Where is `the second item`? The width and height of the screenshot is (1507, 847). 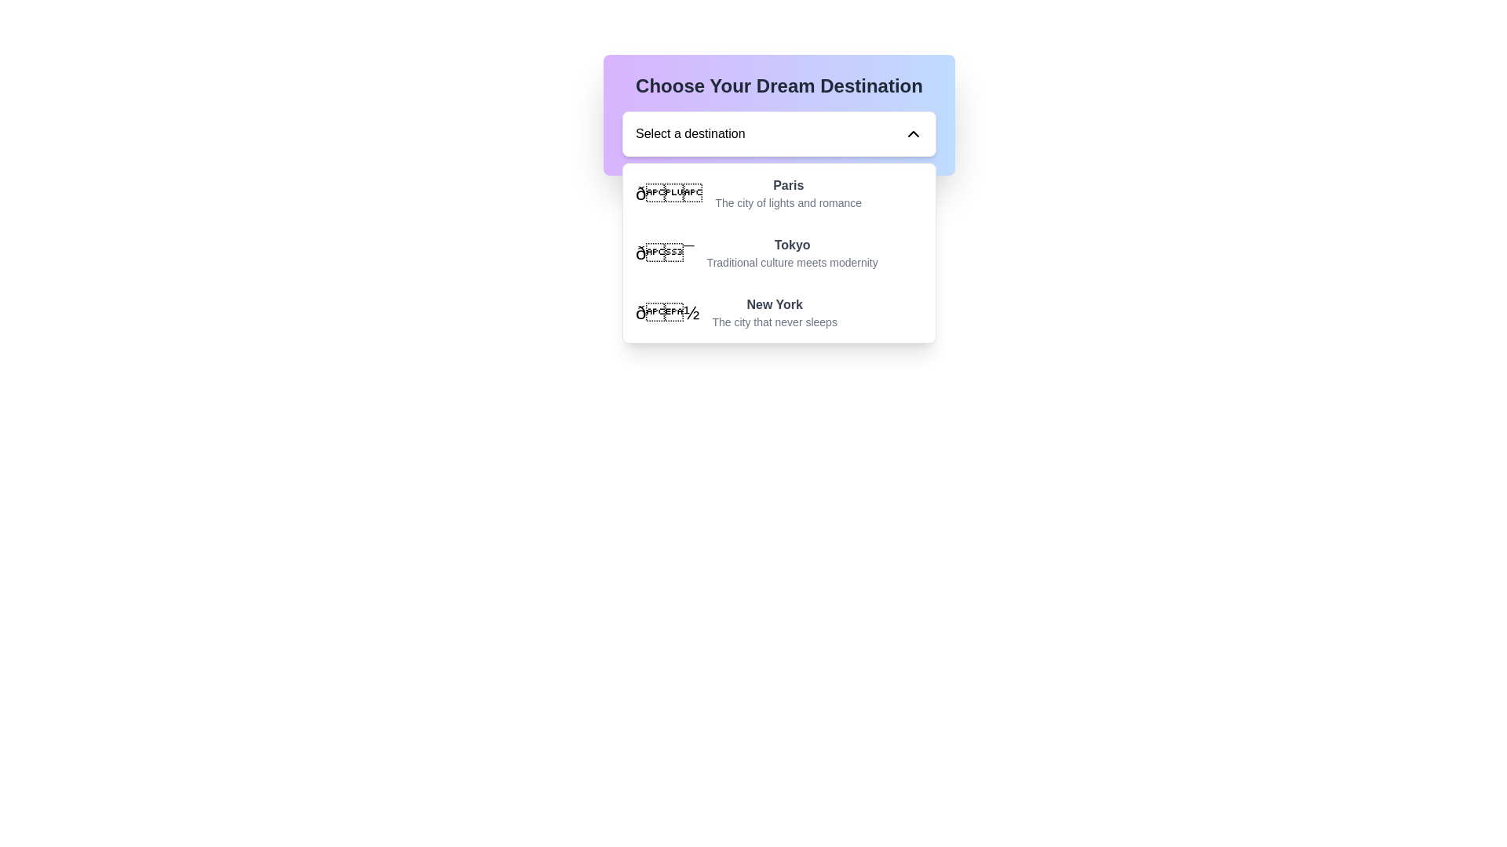 the second item is located at coordinates (779, 253).